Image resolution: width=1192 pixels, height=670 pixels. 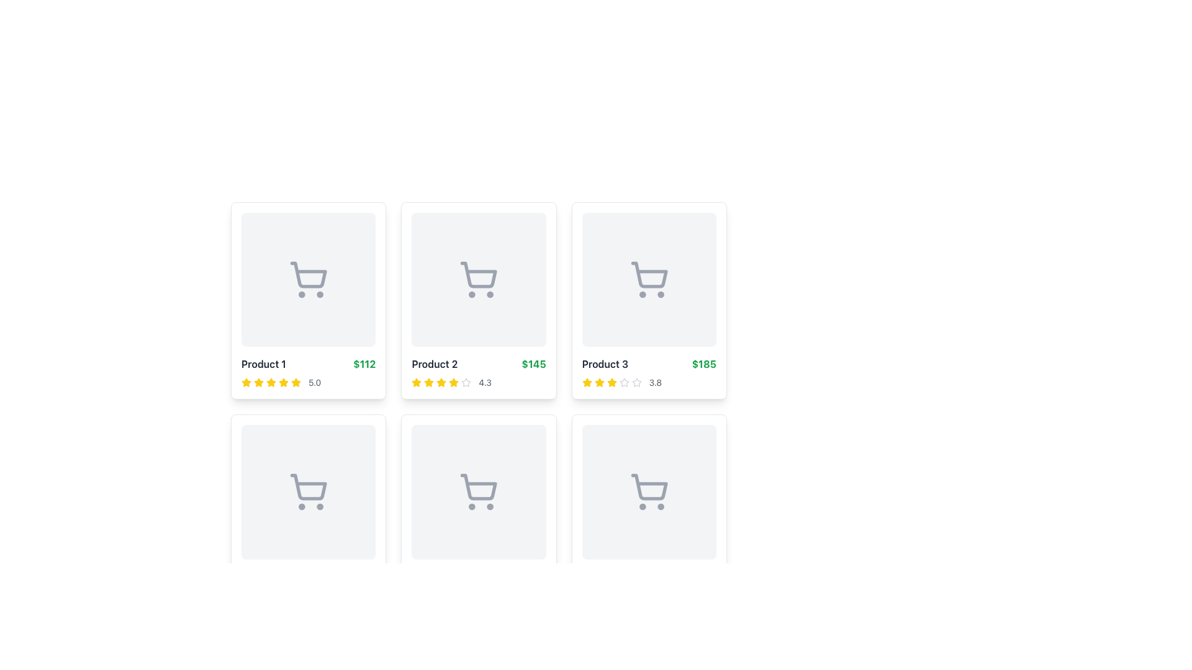 What do you see at coordinates (612, 382) in the screenshot?
I see `the third star icon in the rating system, which is gold-colored and filled, located below the 'Product 3' label and price` at bounding box center [612, 382].